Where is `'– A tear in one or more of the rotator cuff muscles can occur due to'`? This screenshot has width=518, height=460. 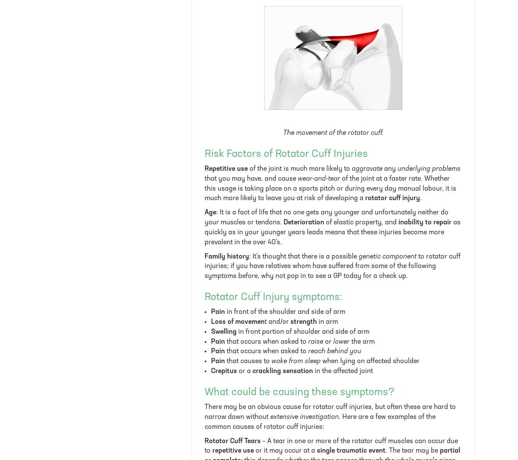 '– A tear in one or more of the rotator cuff muscles can occur due to' is located at coordinates (331, 446).